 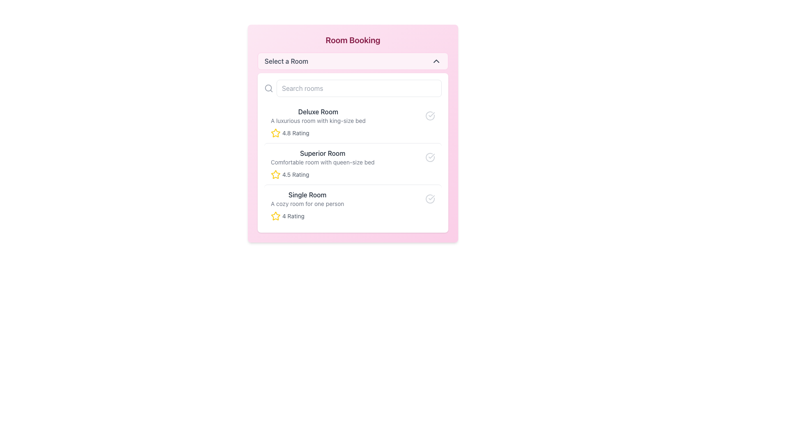 I want to click on the text label displaying '4.8 Rating' which is next to a yellow star icon, indicating the rating of a Deluxe Room, so click(x=295, y=133).